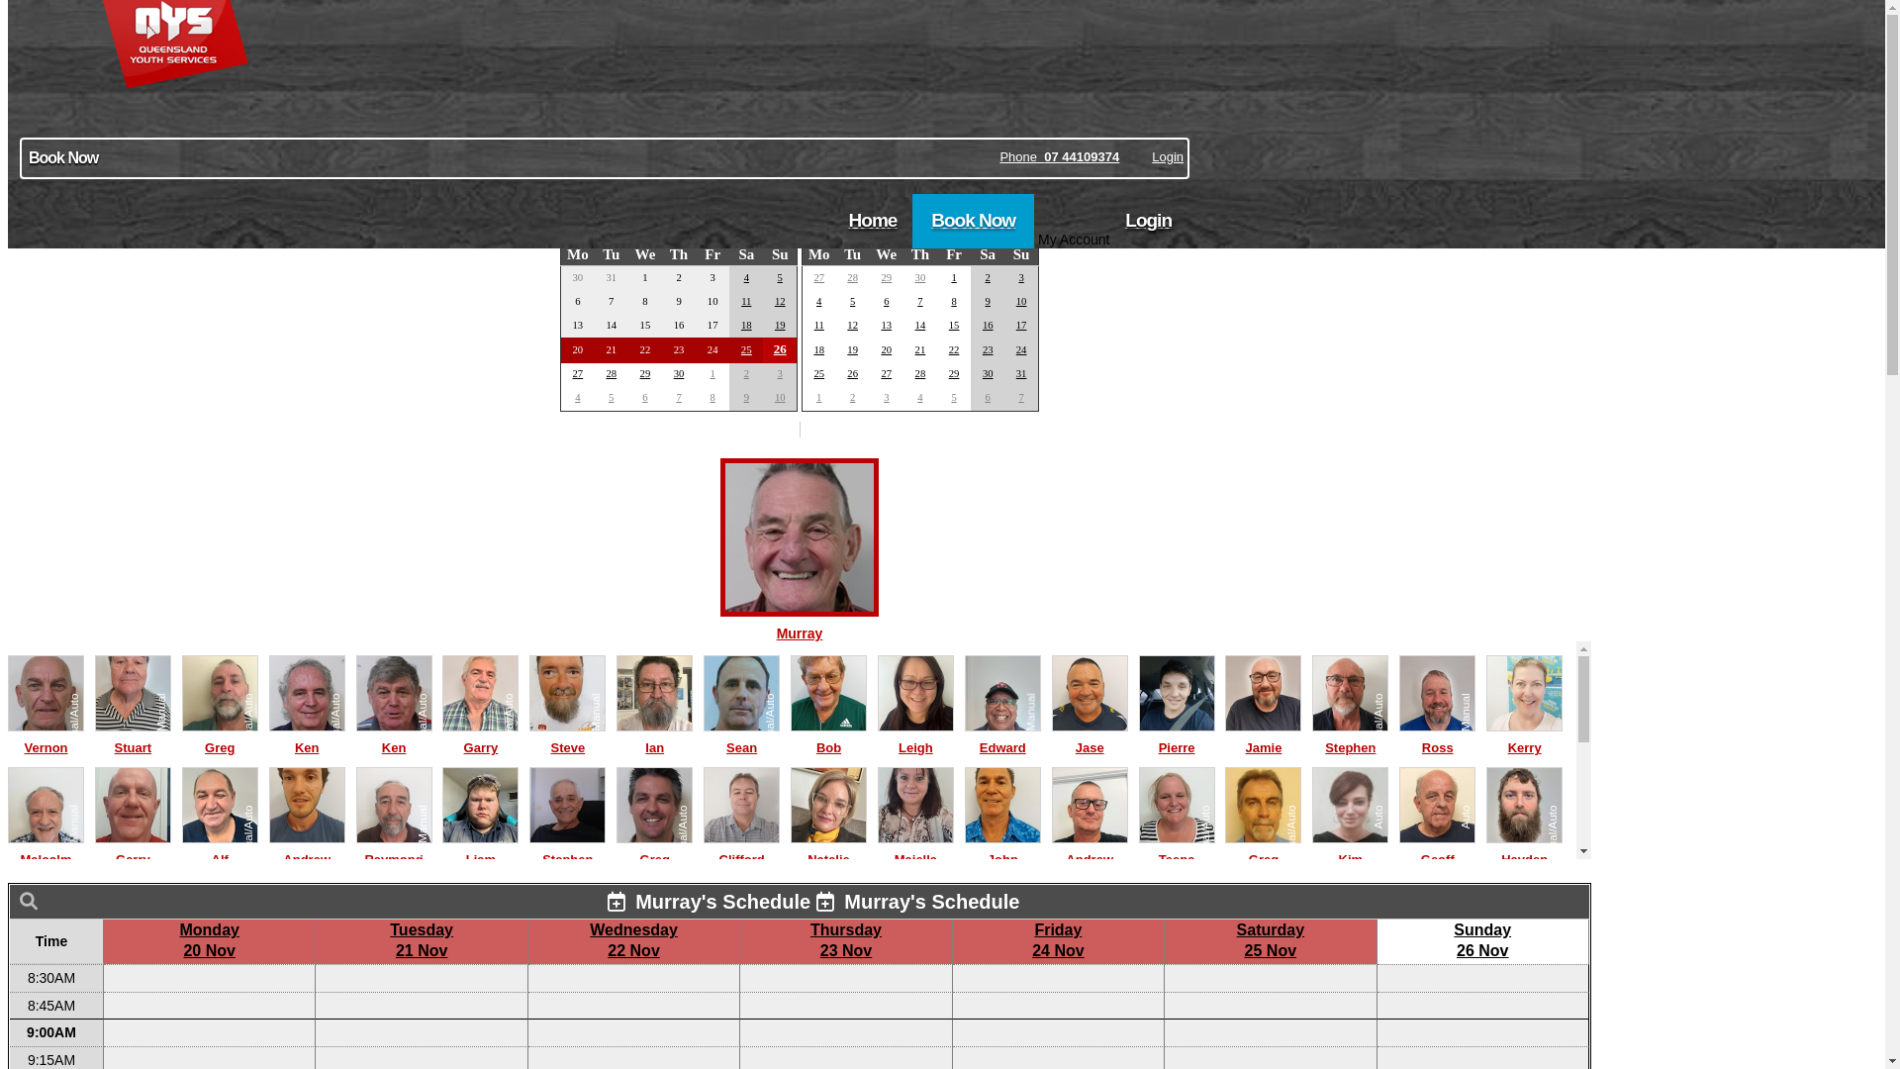 Image resolution: width=1900 pixels, height=1069 pixels. Describe the element at coordinates (988, 373) in the screenshot. I see `'30'` at that location.